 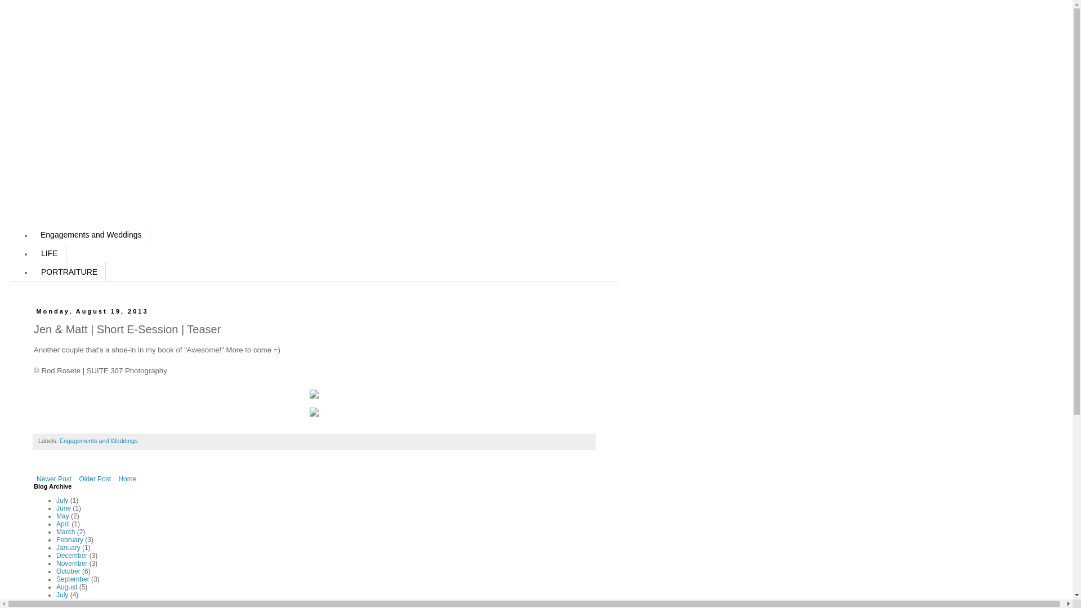 I want to click on 'March', so click(x=56, y=532).